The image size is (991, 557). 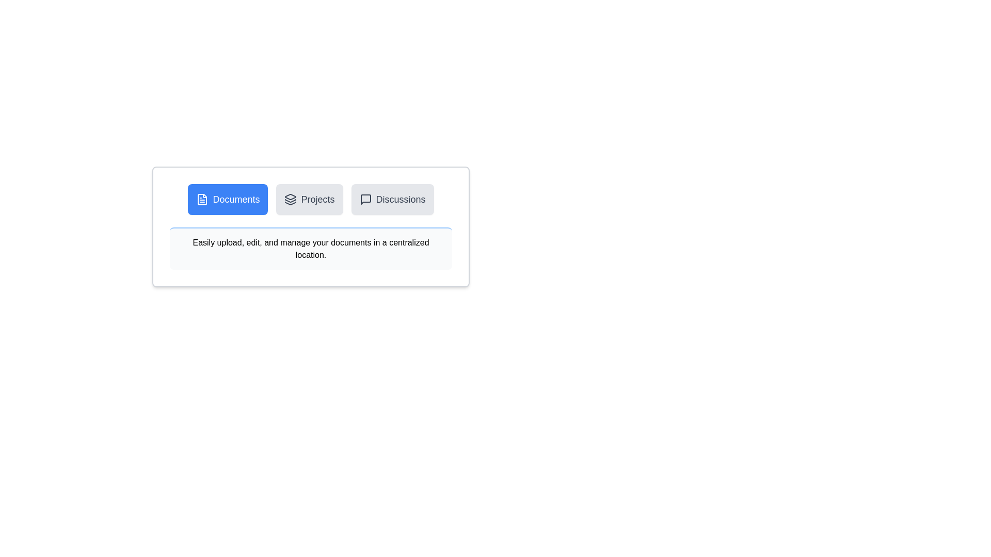 What do you see at coordinates (227, 199) in the screenshot?
I see `the Documents tab to view its content` at bounding box center [227, 199].